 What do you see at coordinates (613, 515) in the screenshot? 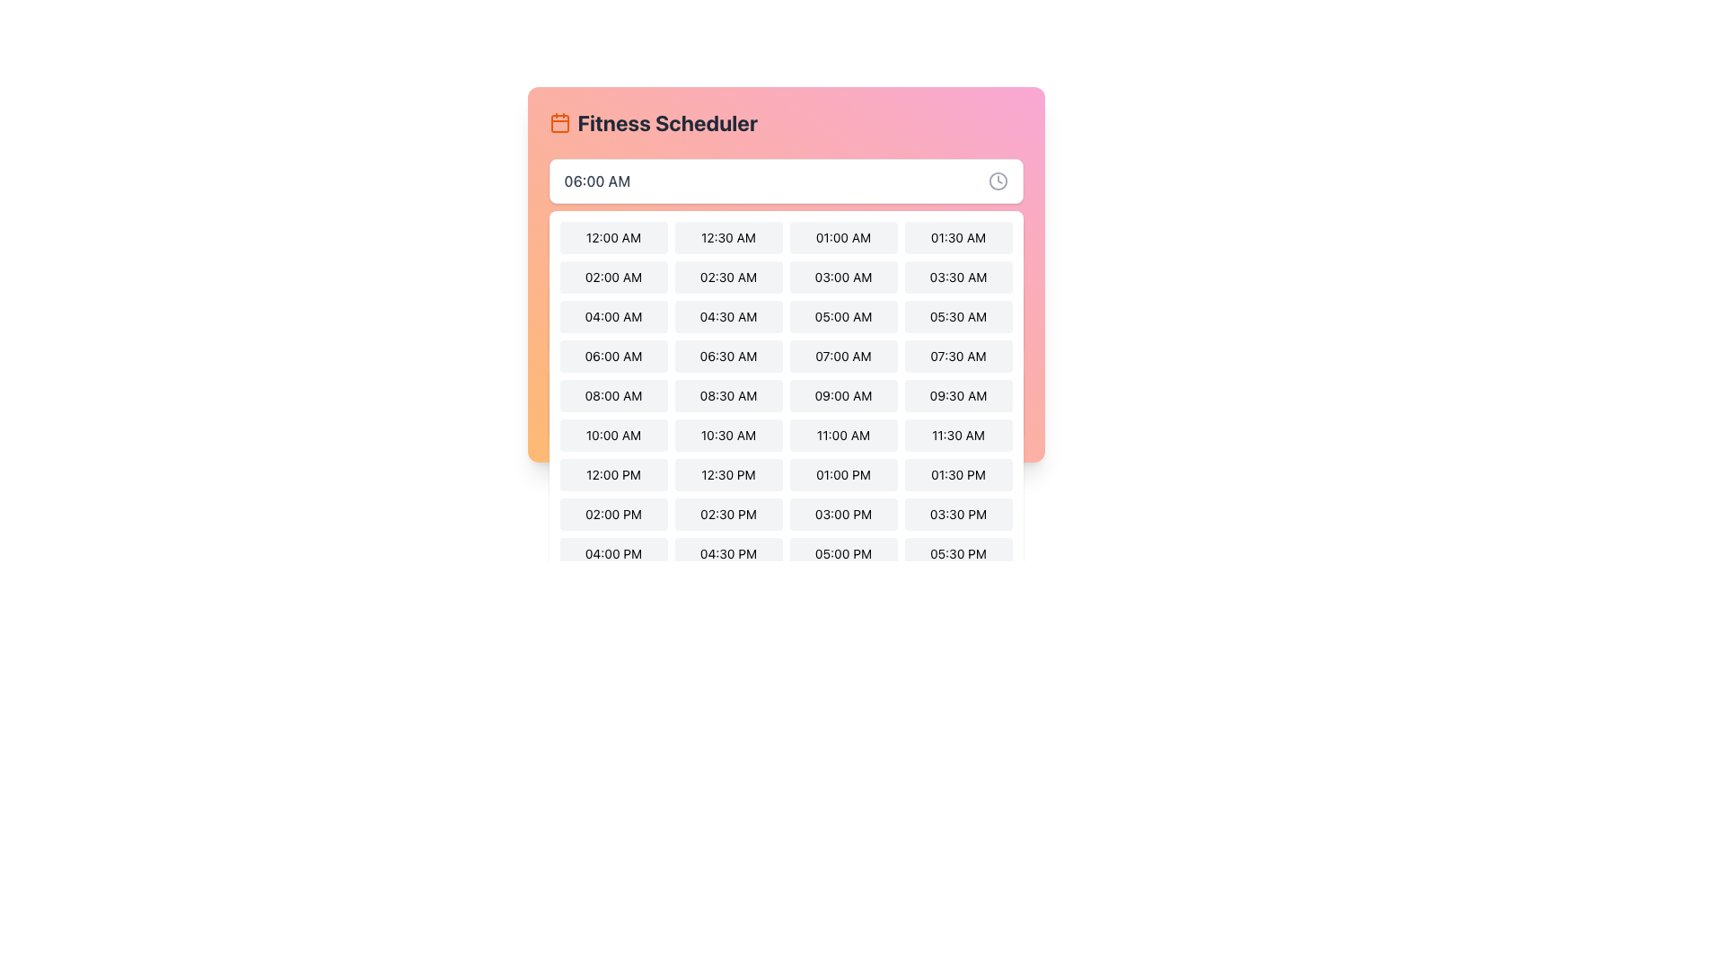
I see `the selectable time slot button labeled '02:00 PM' in the scheduling interface` at bounding box center [613, 515].